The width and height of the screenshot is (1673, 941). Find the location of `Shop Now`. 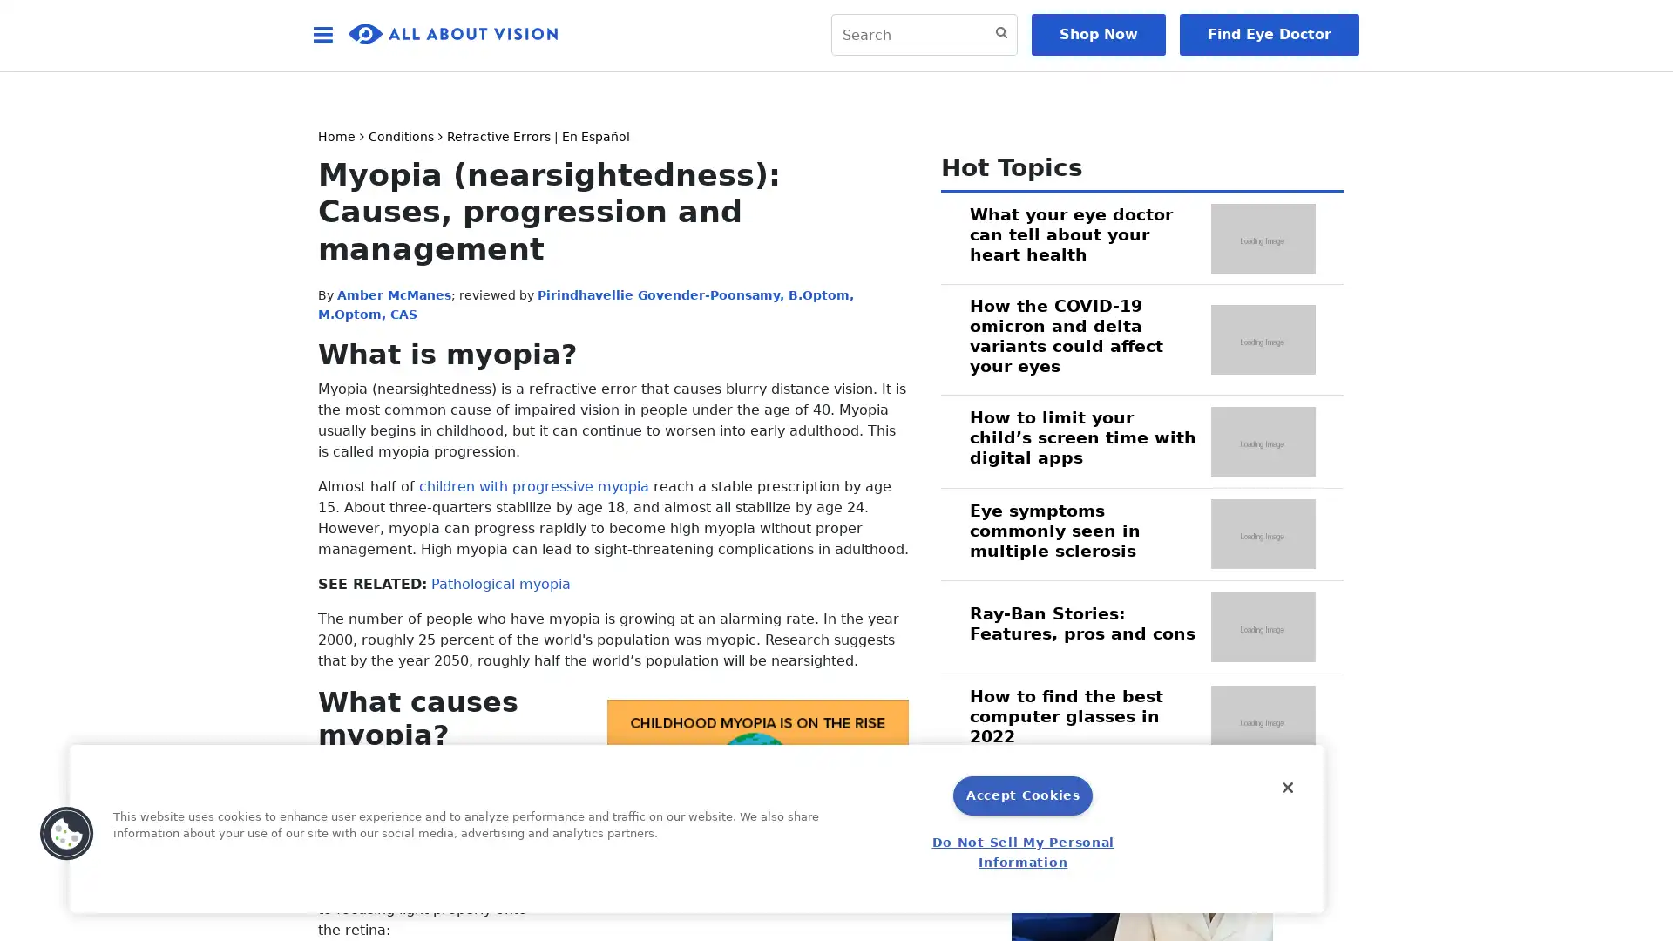

Shop Now is located at coordinates (1098, 34).